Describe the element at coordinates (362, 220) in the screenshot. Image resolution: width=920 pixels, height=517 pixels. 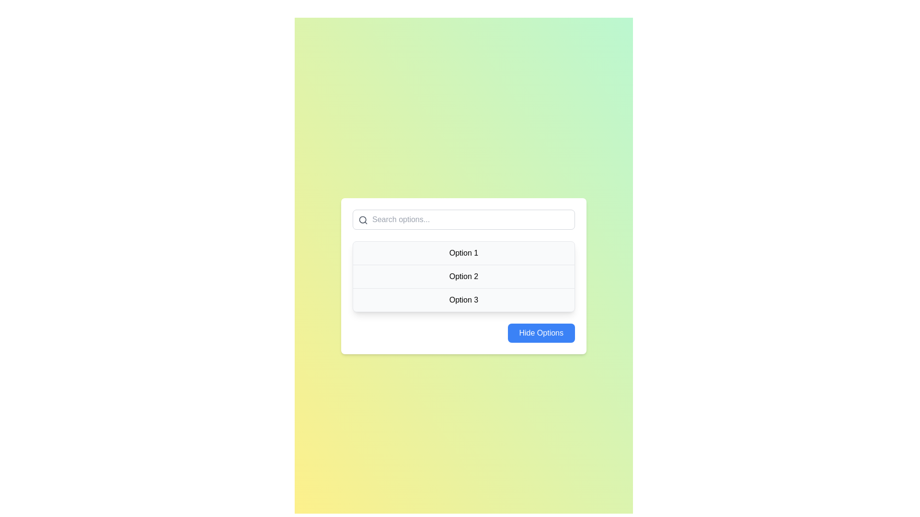
I see `the circular outline of the search-related SVG icon, which resembles a magnifying glass, located to the left of the search input field` at that location.